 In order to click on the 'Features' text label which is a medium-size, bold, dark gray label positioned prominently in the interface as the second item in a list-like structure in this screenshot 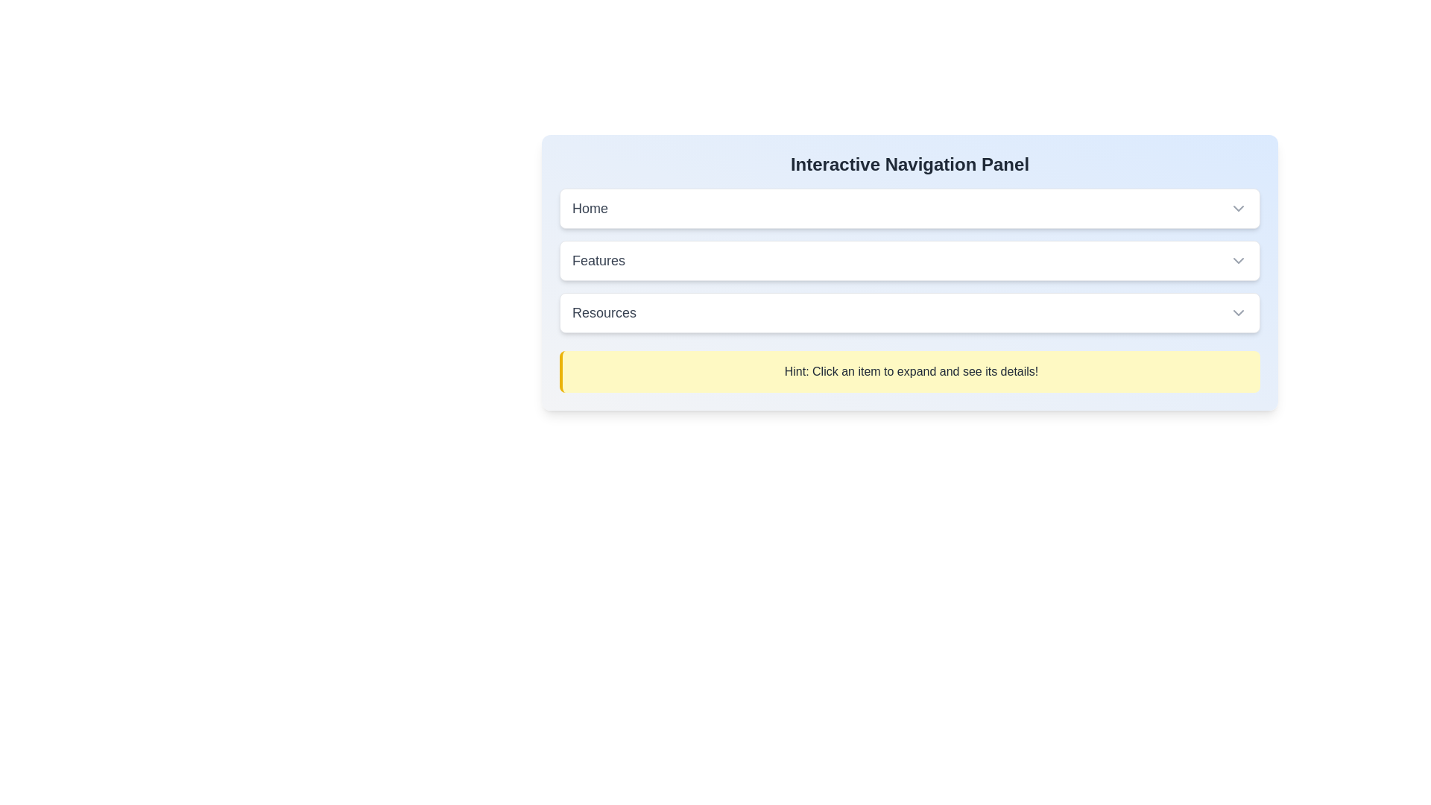, I will do `click(598, 260)`.